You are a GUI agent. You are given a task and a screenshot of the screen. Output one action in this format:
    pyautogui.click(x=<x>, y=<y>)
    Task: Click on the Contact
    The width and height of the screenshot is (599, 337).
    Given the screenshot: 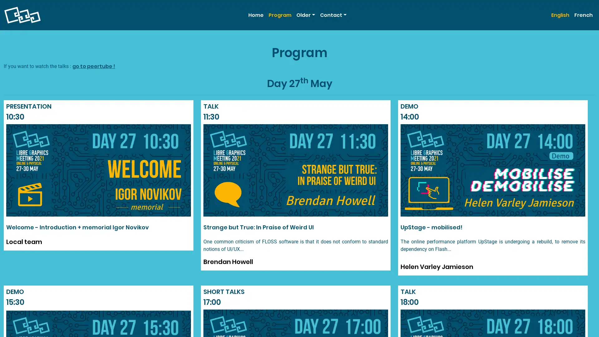 What is the action you would take?
    pyautogui.click(x=333, y=14)
    